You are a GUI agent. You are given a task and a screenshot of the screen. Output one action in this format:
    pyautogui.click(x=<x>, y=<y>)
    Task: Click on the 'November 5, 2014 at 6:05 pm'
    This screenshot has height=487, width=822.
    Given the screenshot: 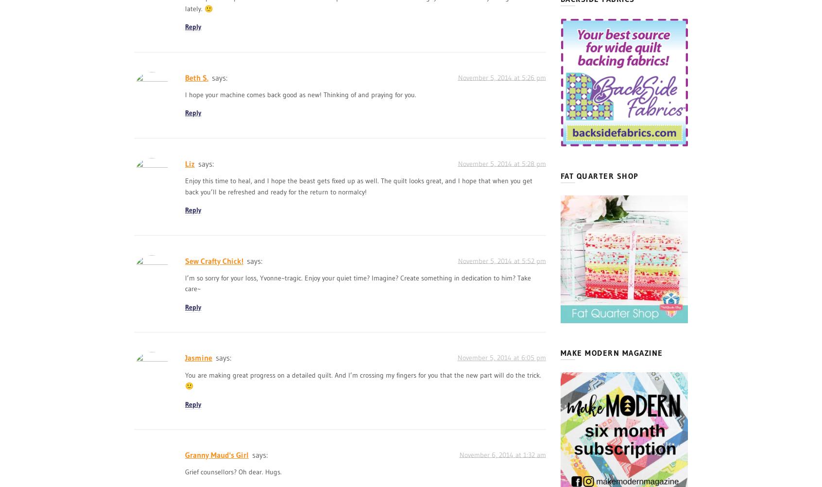 What is the action you would take?
    pyautogui.click(x=500, y=357)
    